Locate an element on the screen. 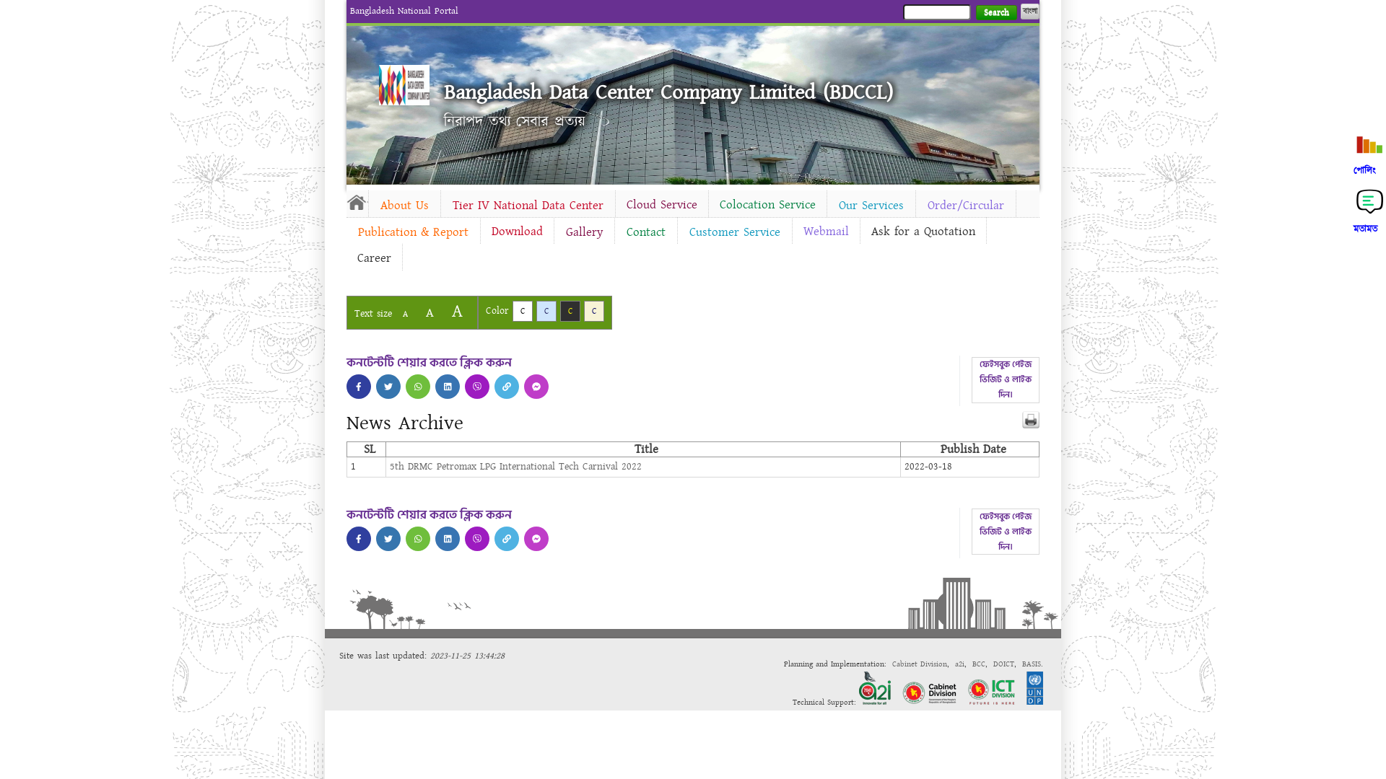 Image resolution: width=1386 pixels, height=779 pixels. 'Webmail' is located at coordinates (826, 230).